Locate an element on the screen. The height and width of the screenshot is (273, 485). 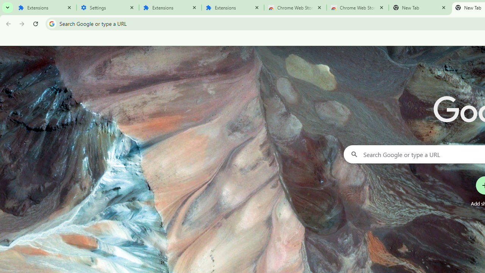
'Settings' is located at coordinates (107, 8).